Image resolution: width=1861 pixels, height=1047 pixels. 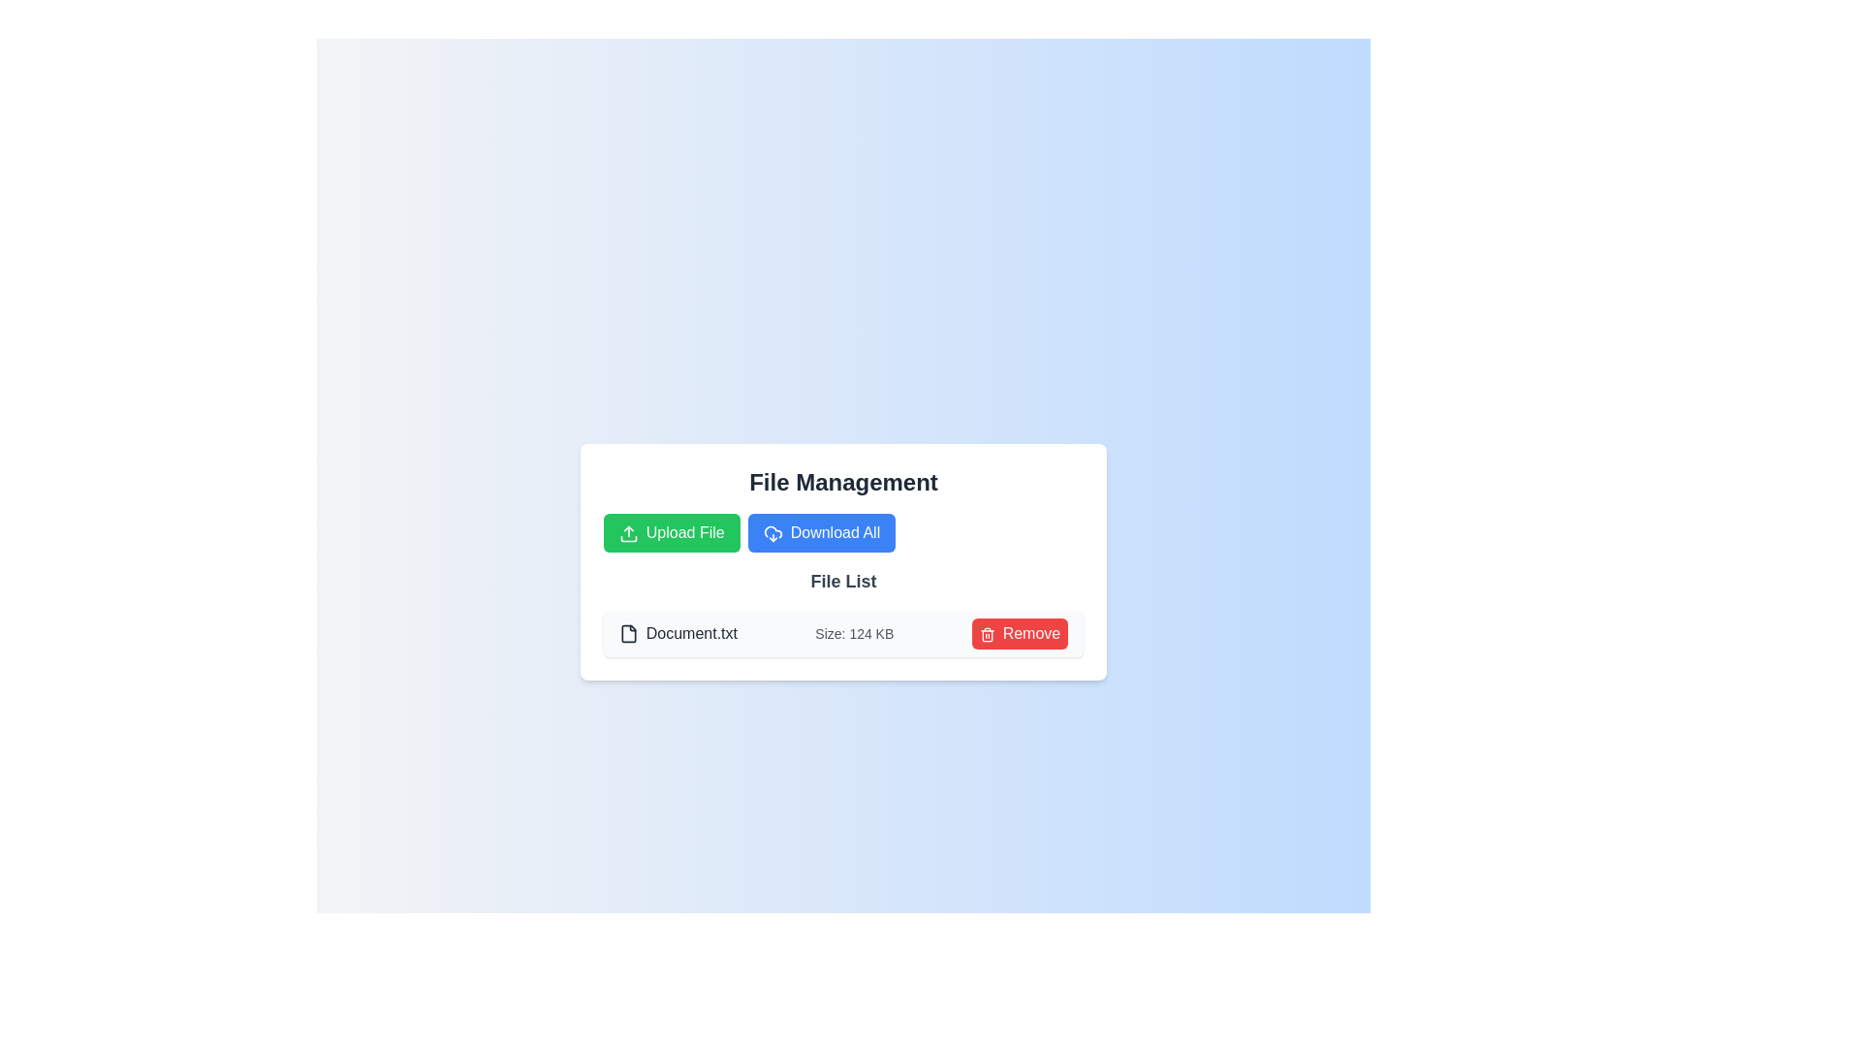 I want to click on the text label displaying the file name 'Document.txt' in the file management interface, located in the 'File List' section, to the left of the file size text and far-left of the 'Remove' action button, so click(x=678, y=634).